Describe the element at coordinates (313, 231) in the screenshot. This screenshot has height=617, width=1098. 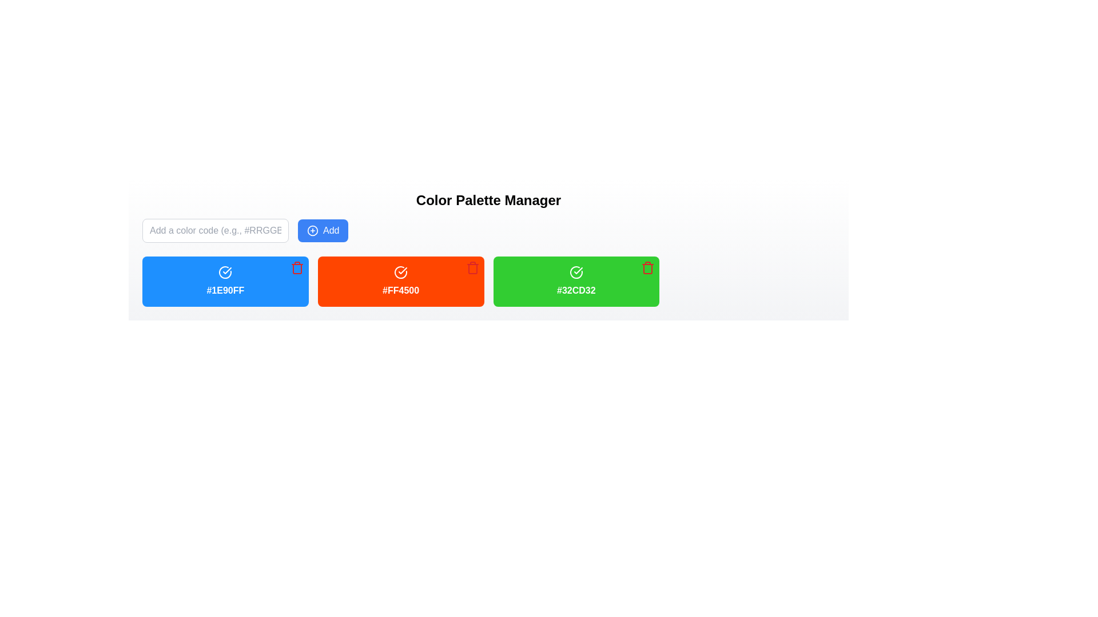
I see `the icon to the left of the 'Add' text label inside the rectangular button that indicates adding an item` at that location.